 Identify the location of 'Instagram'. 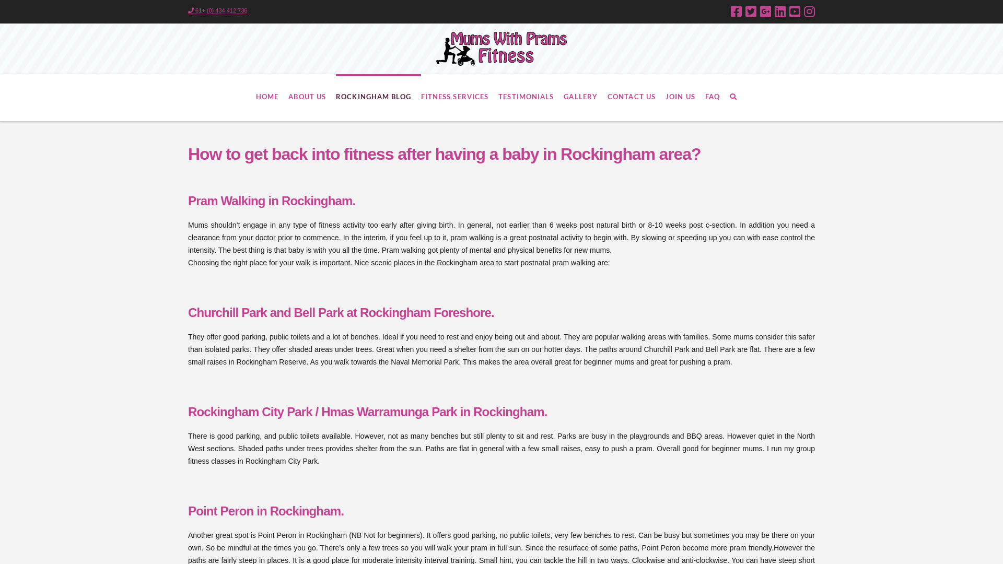
(809, 11).